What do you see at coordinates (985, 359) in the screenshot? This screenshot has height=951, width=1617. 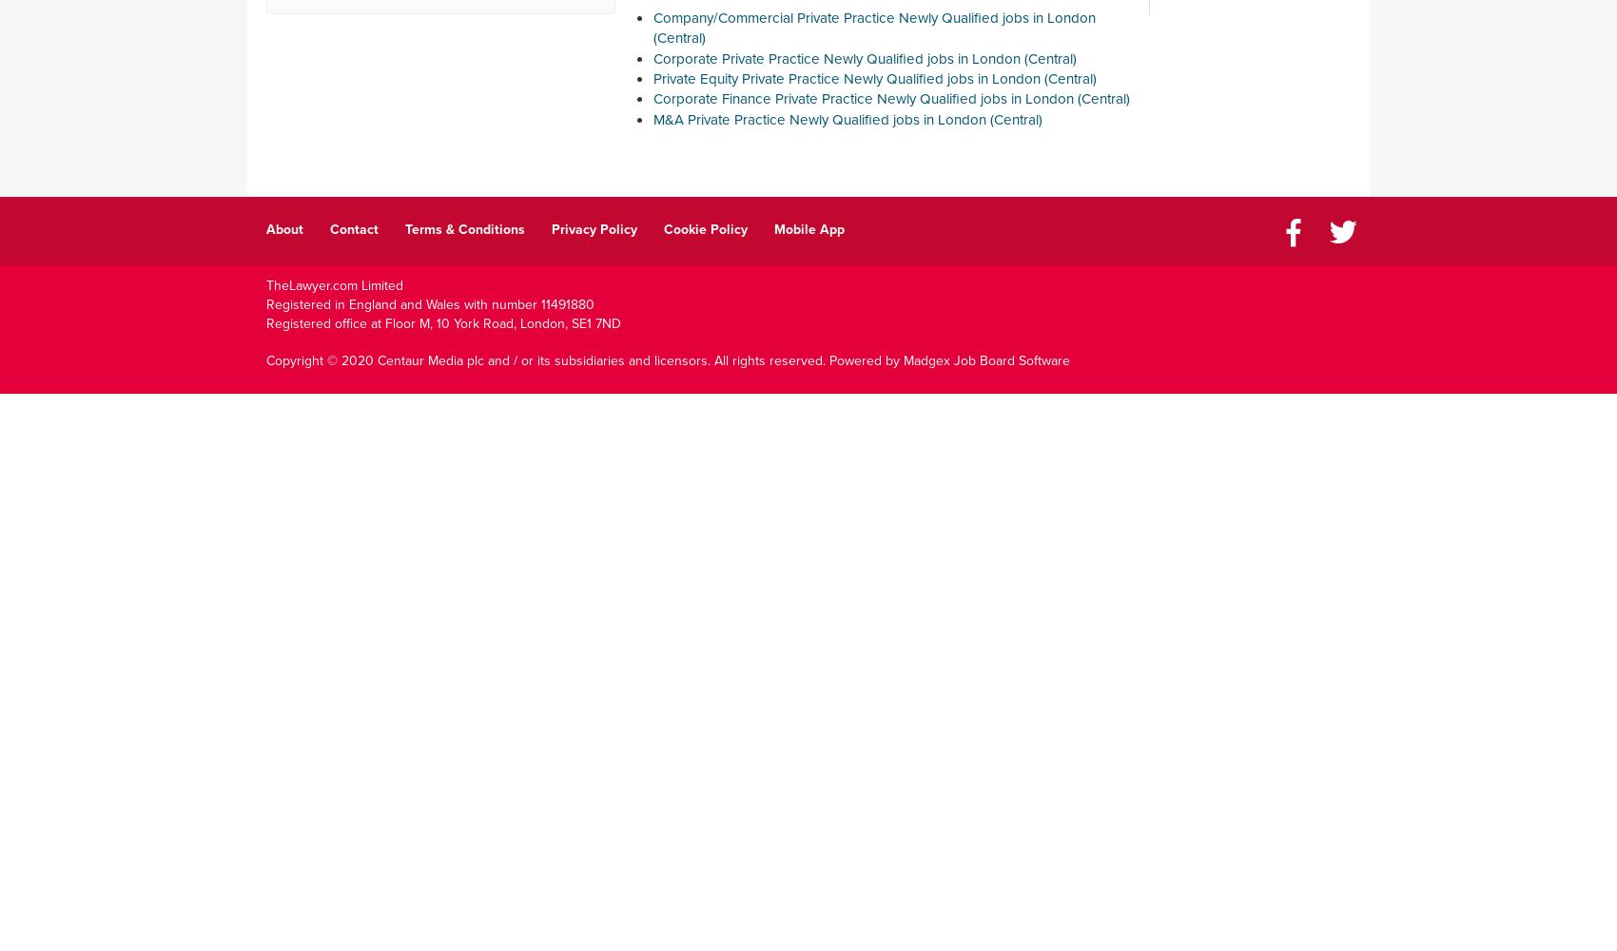 I see `'Madgex Job Board Software'` at bounding box center [985, 359].